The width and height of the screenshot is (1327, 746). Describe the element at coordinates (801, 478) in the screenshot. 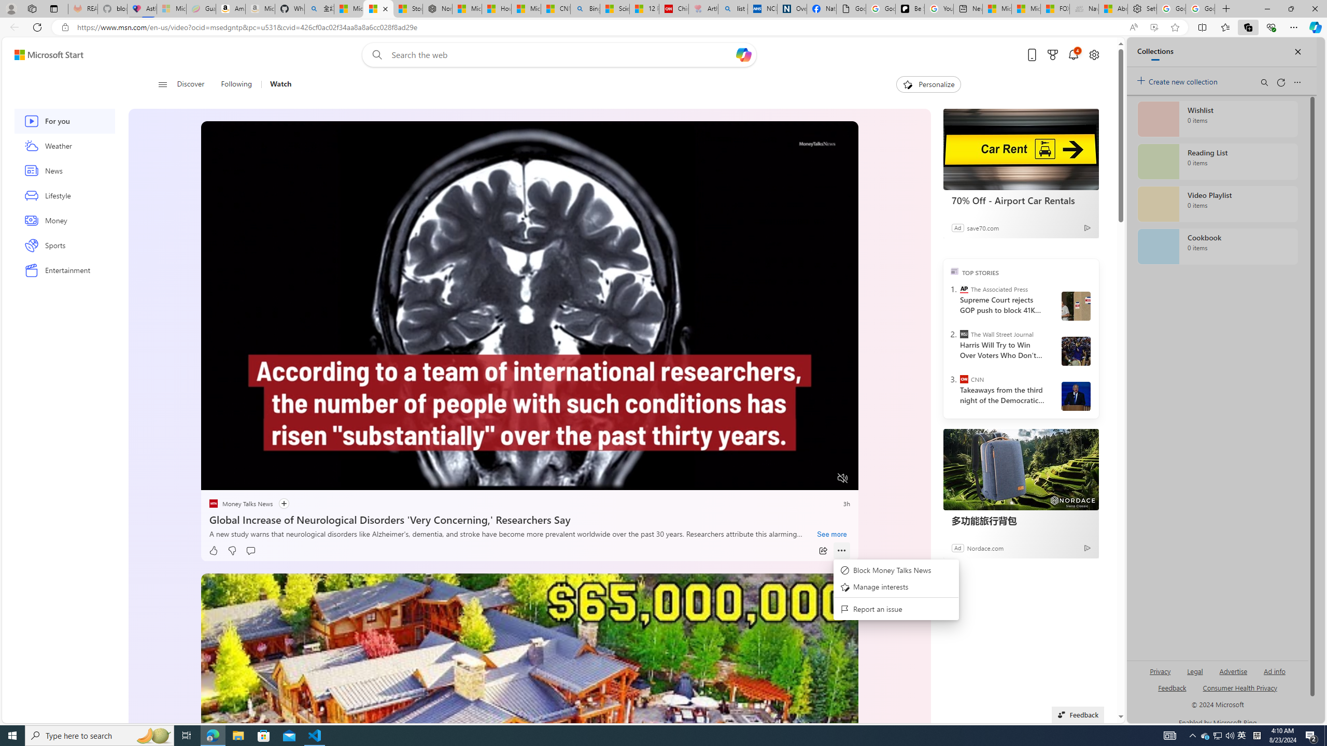

I see `'Captions'` at that location.